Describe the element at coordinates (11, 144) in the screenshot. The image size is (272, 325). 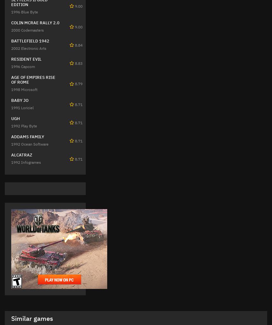
I see `'1992 Ocean Software'` at that location.